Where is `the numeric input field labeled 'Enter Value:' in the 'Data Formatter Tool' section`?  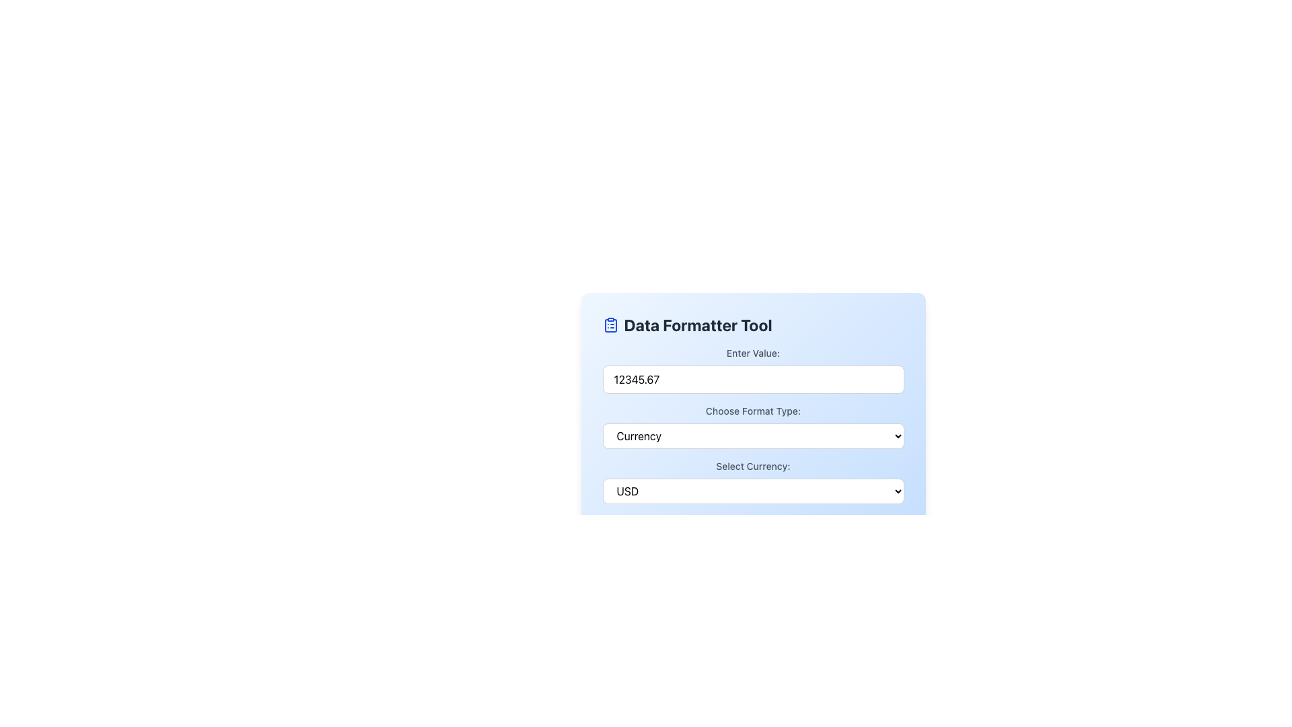
the numeric input field labeled 'Enter Value:' in the 'Data Formatter Tool' section is located at coordinates (752, 370).